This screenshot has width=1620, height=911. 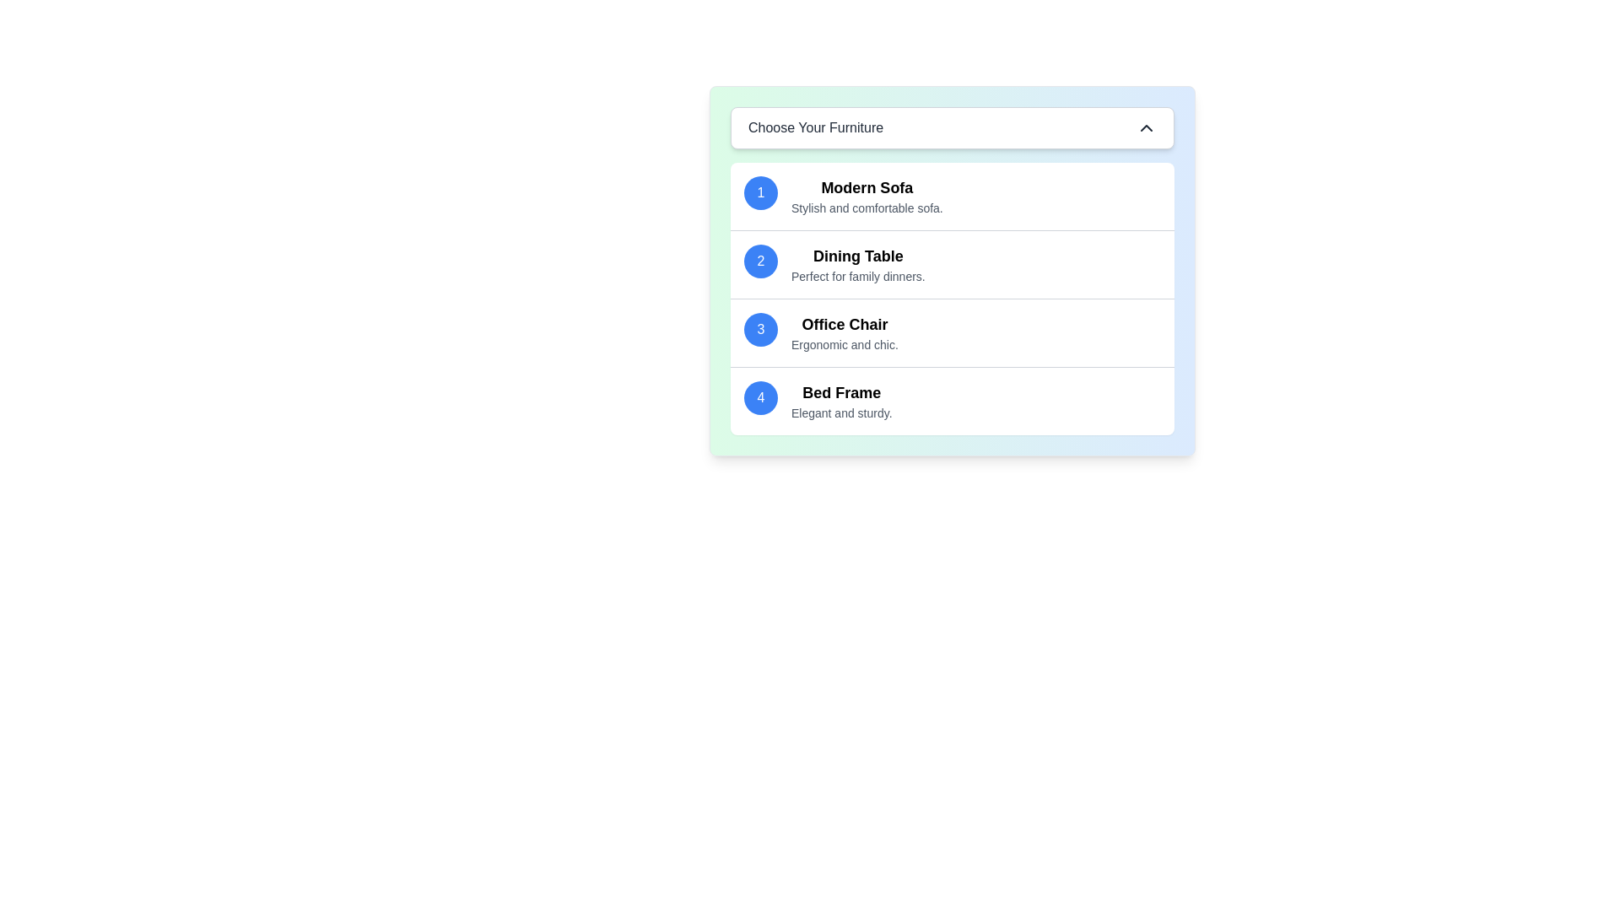 What do you see at coordinates (760, 329) in the screenshot?
I see `the blue circular badge containing the number '3' positioned to the left of the text 'Office Chair'` at bounding box center [760, 329].